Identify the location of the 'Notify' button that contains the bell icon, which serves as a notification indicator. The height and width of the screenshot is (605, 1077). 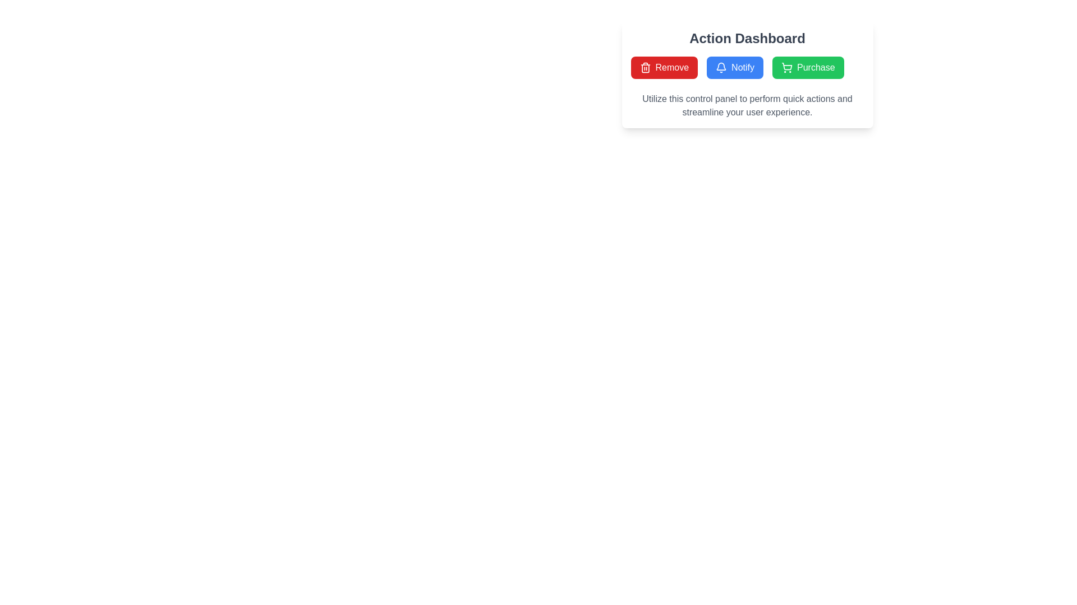
(721, 67).